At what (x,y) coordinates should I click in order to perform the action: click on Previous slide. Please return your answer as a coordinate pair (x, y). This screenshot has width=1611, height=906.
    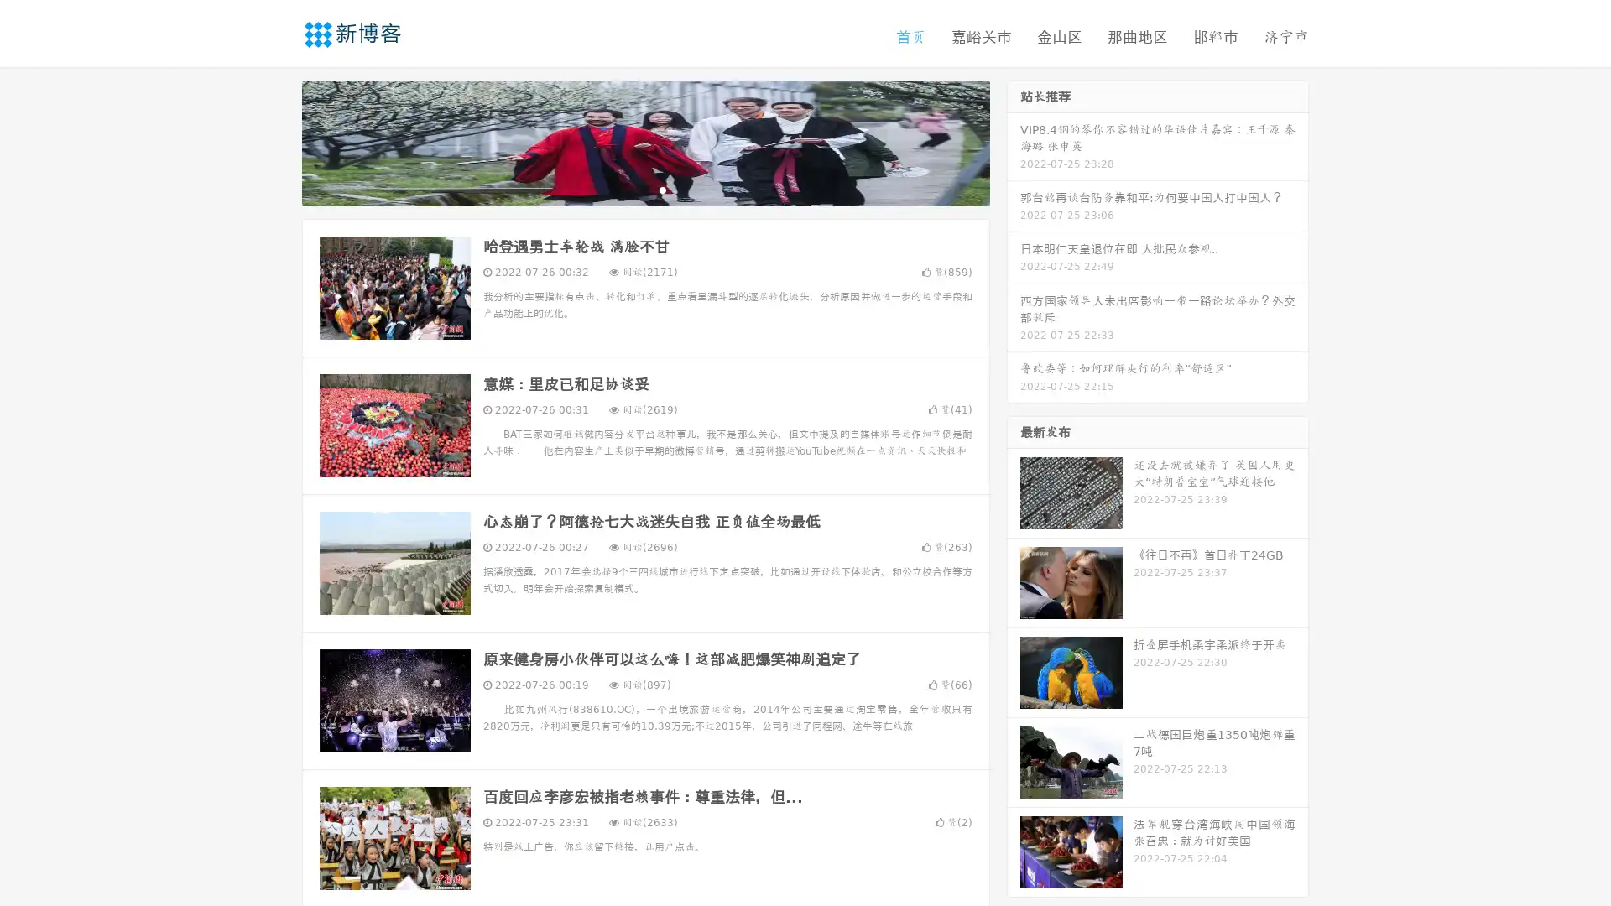
    Looking at the image, I should click on (277, 141).